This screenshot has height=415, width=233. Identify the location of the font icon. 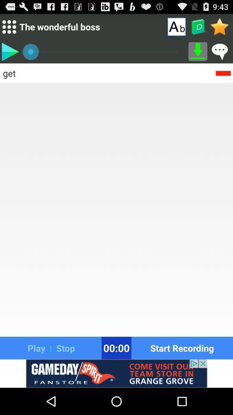
(176, 28).